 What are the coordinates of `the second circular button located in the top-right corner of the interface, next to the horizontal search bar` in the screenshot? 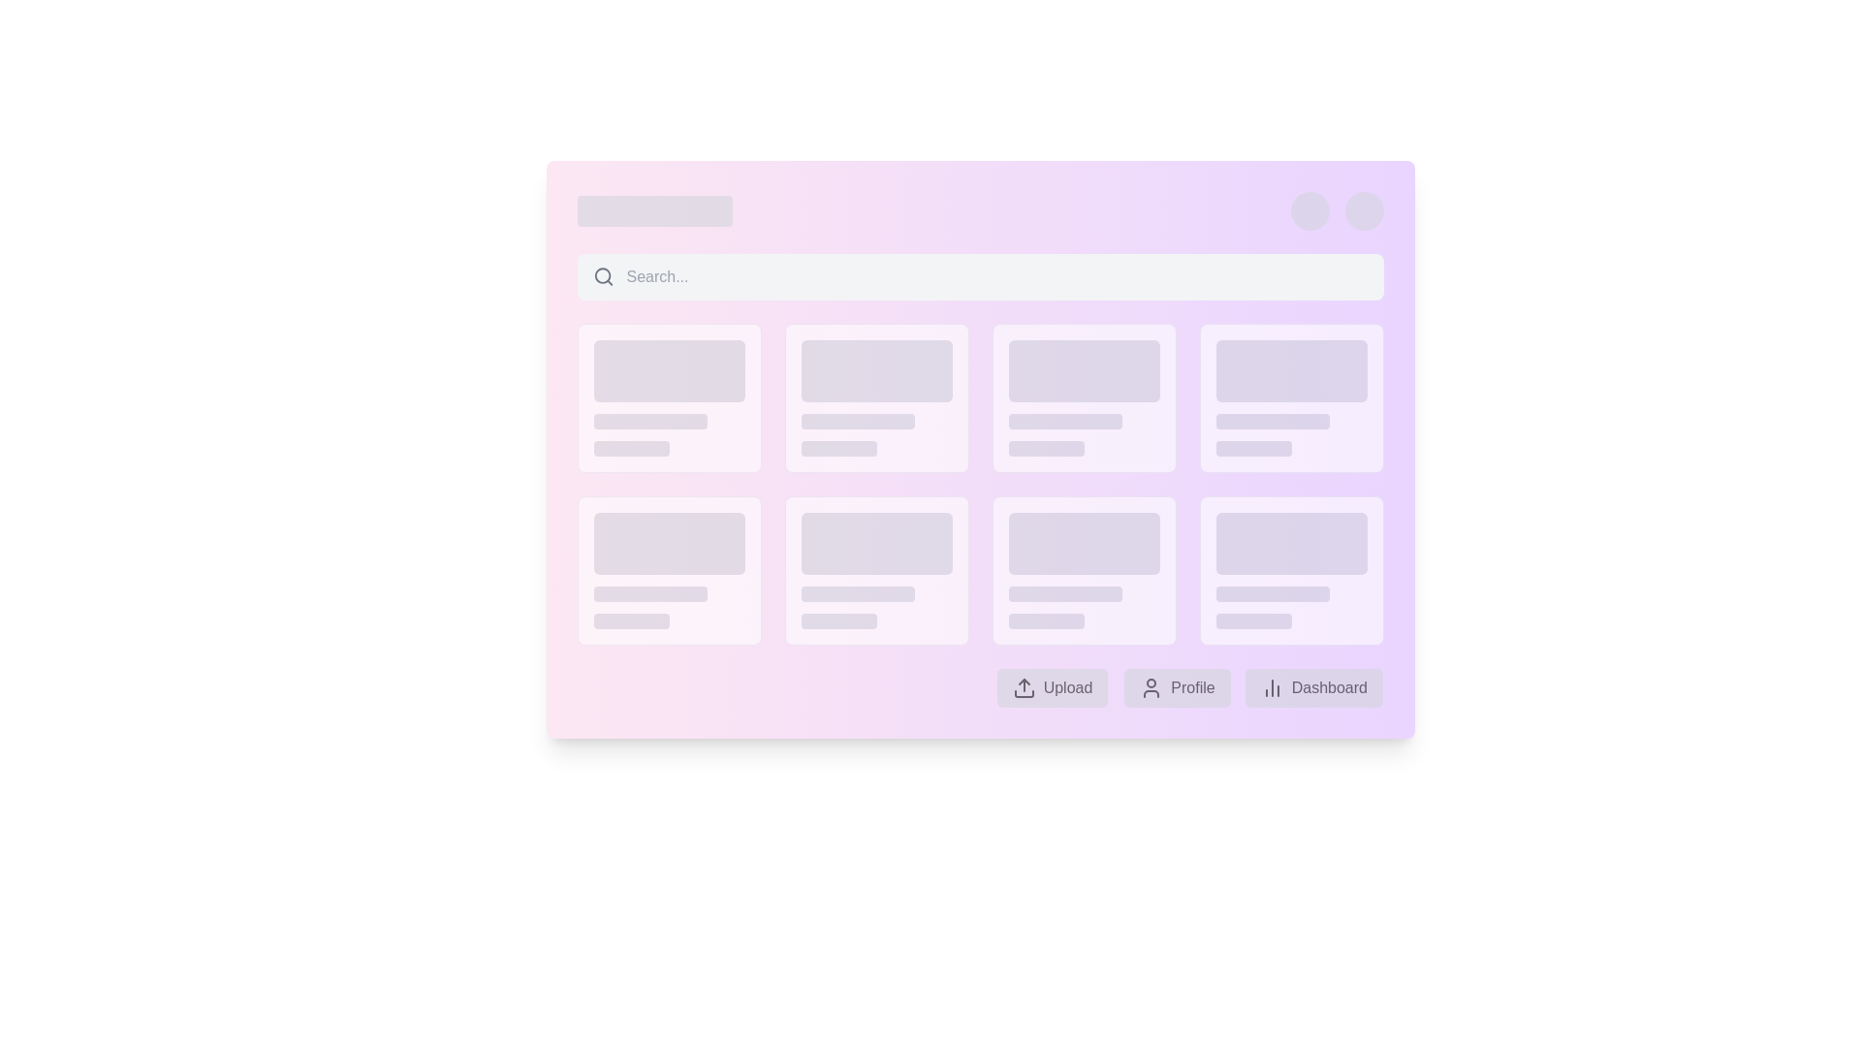 It's located at (1363, 211).